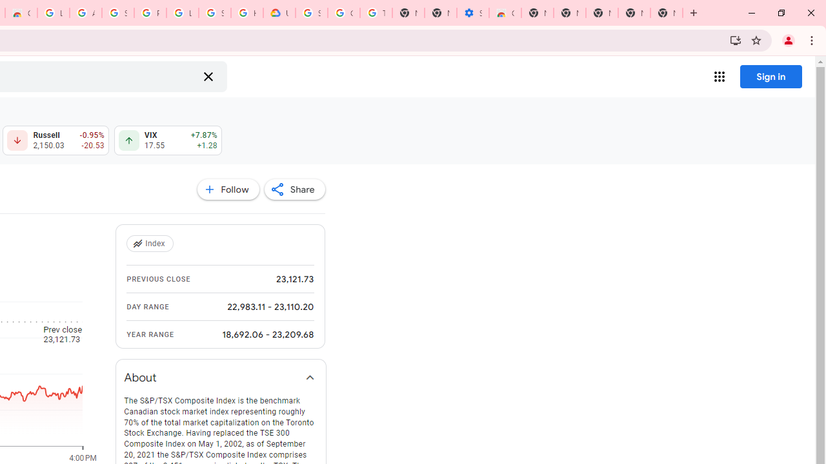 This screenshot has height=464, width=826. I want to click on 'Sign in - Google Accounts', so click(215, 13).